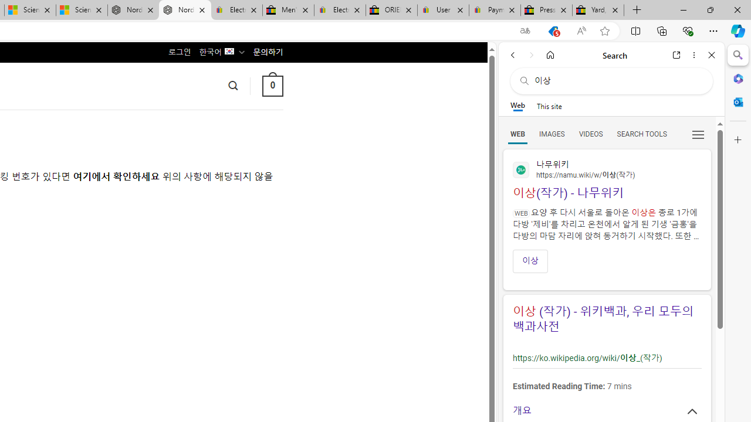 This screenshot has width=751, height=422. Describe the element at coordinates (517, 133) in the screenshot. I see `'WEB  '` at that location.